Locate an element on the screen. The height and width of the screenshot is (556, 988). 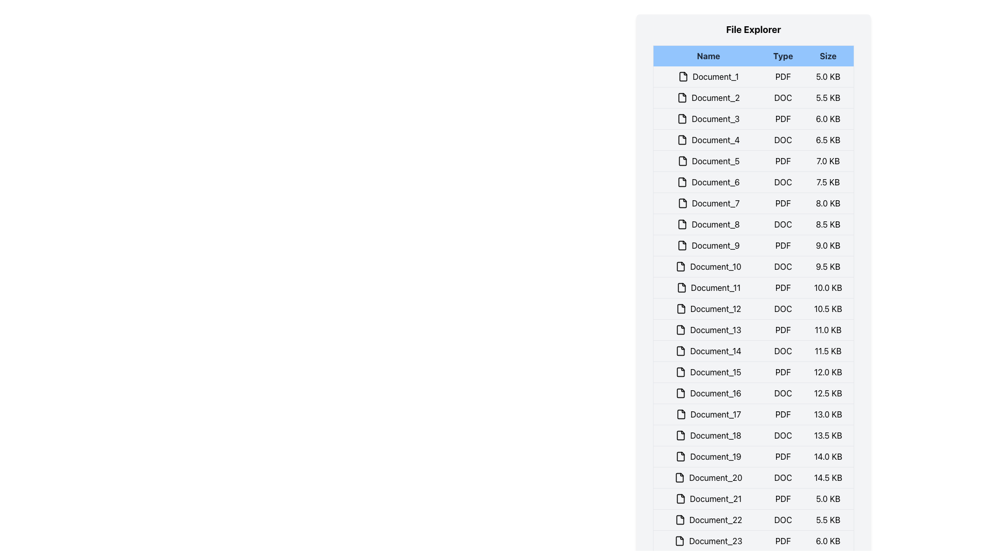
text label displaying the size of the file for 'Document_17', located at the far right of the file information row, in the 'Size' column is located at coordinates (828, 414).